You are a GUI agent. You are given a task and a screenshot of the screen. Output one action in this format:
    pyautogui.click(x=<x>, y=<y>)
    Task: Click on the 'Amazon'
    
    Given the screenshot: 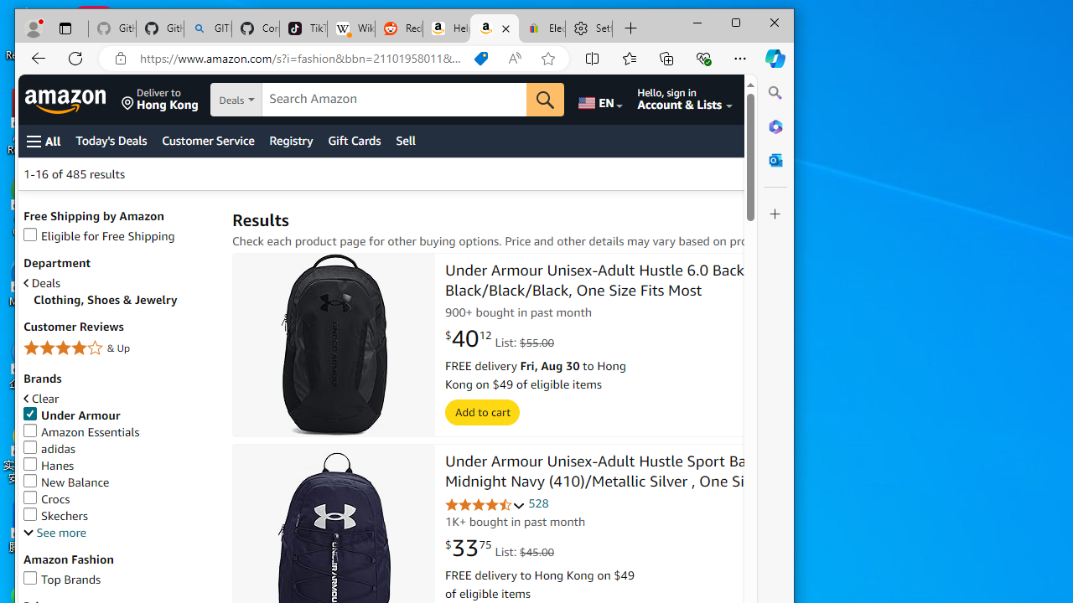 What is the action you would take?
    pyautogui.click(x=67, y=100)
    